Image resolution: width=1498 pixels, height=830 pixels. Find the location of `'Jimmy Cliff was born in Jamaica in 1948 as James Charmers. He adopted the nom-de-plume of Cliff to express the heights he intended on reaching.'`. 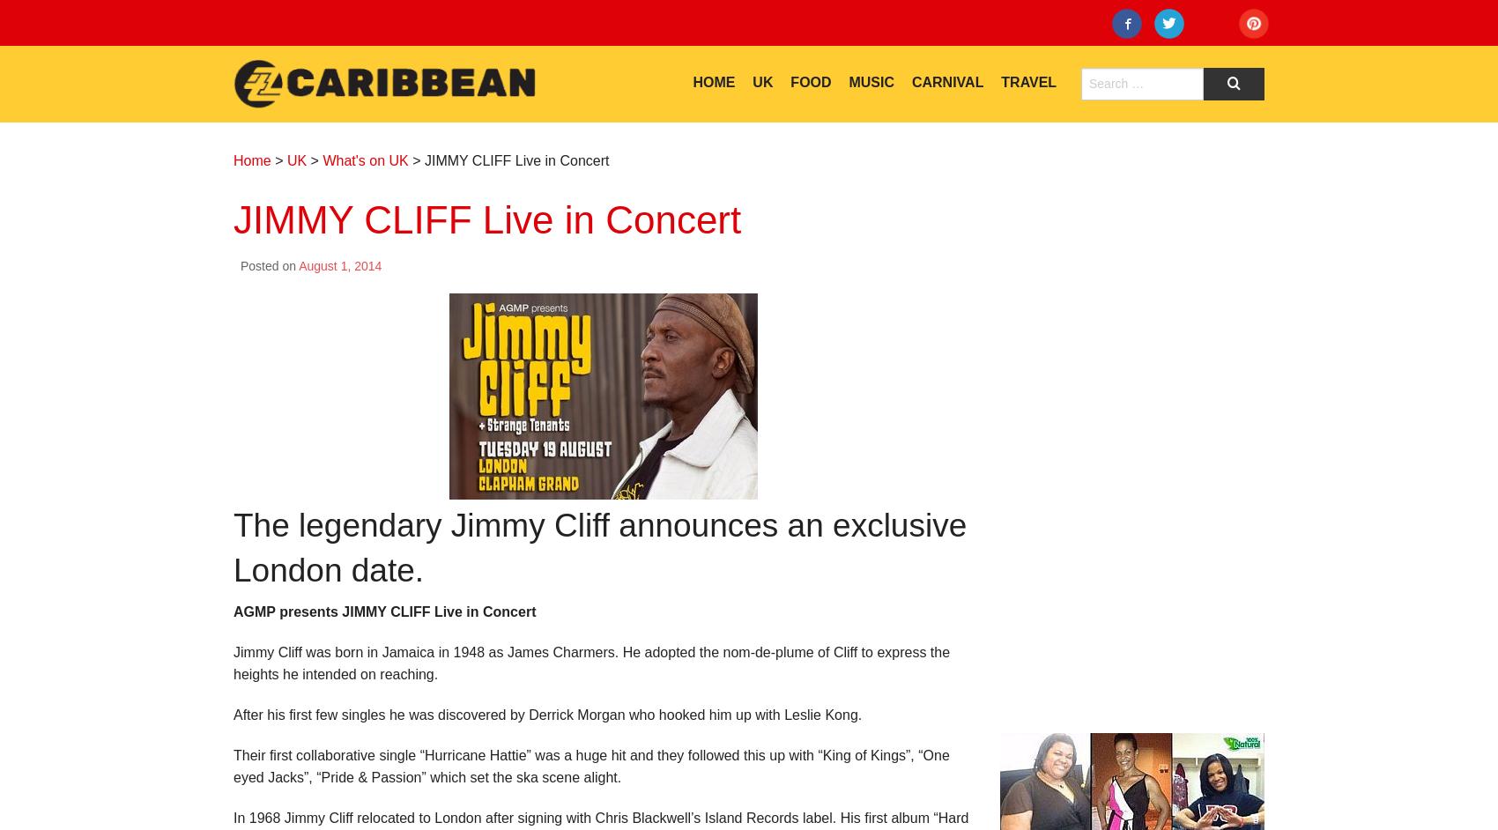

'Jimmy Cliff was born in Jamaica in 1948 as James Charmers. He adopted the nom-de-plume of Cliff to express the heights he intended on reaching.' is located at coordinates (591, 662).